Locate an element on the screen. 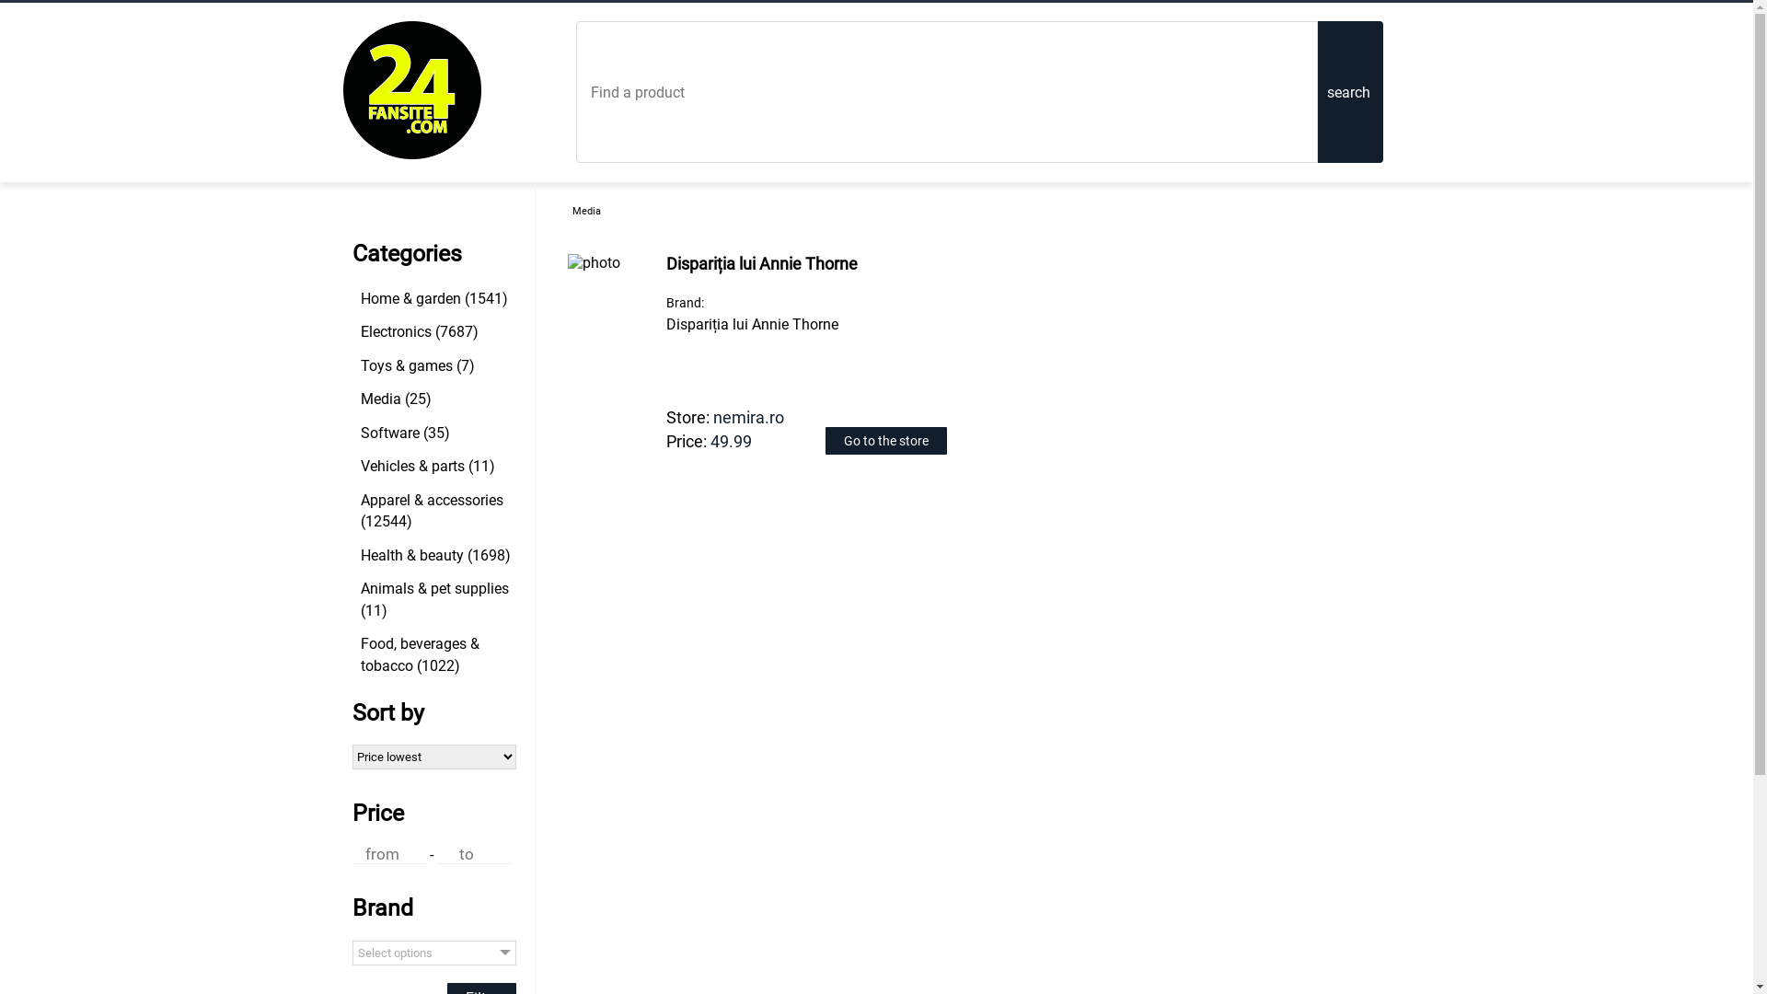 The height and width of the screenshot is (994, 1767). 'Media' is located at coordinates (585, 210).